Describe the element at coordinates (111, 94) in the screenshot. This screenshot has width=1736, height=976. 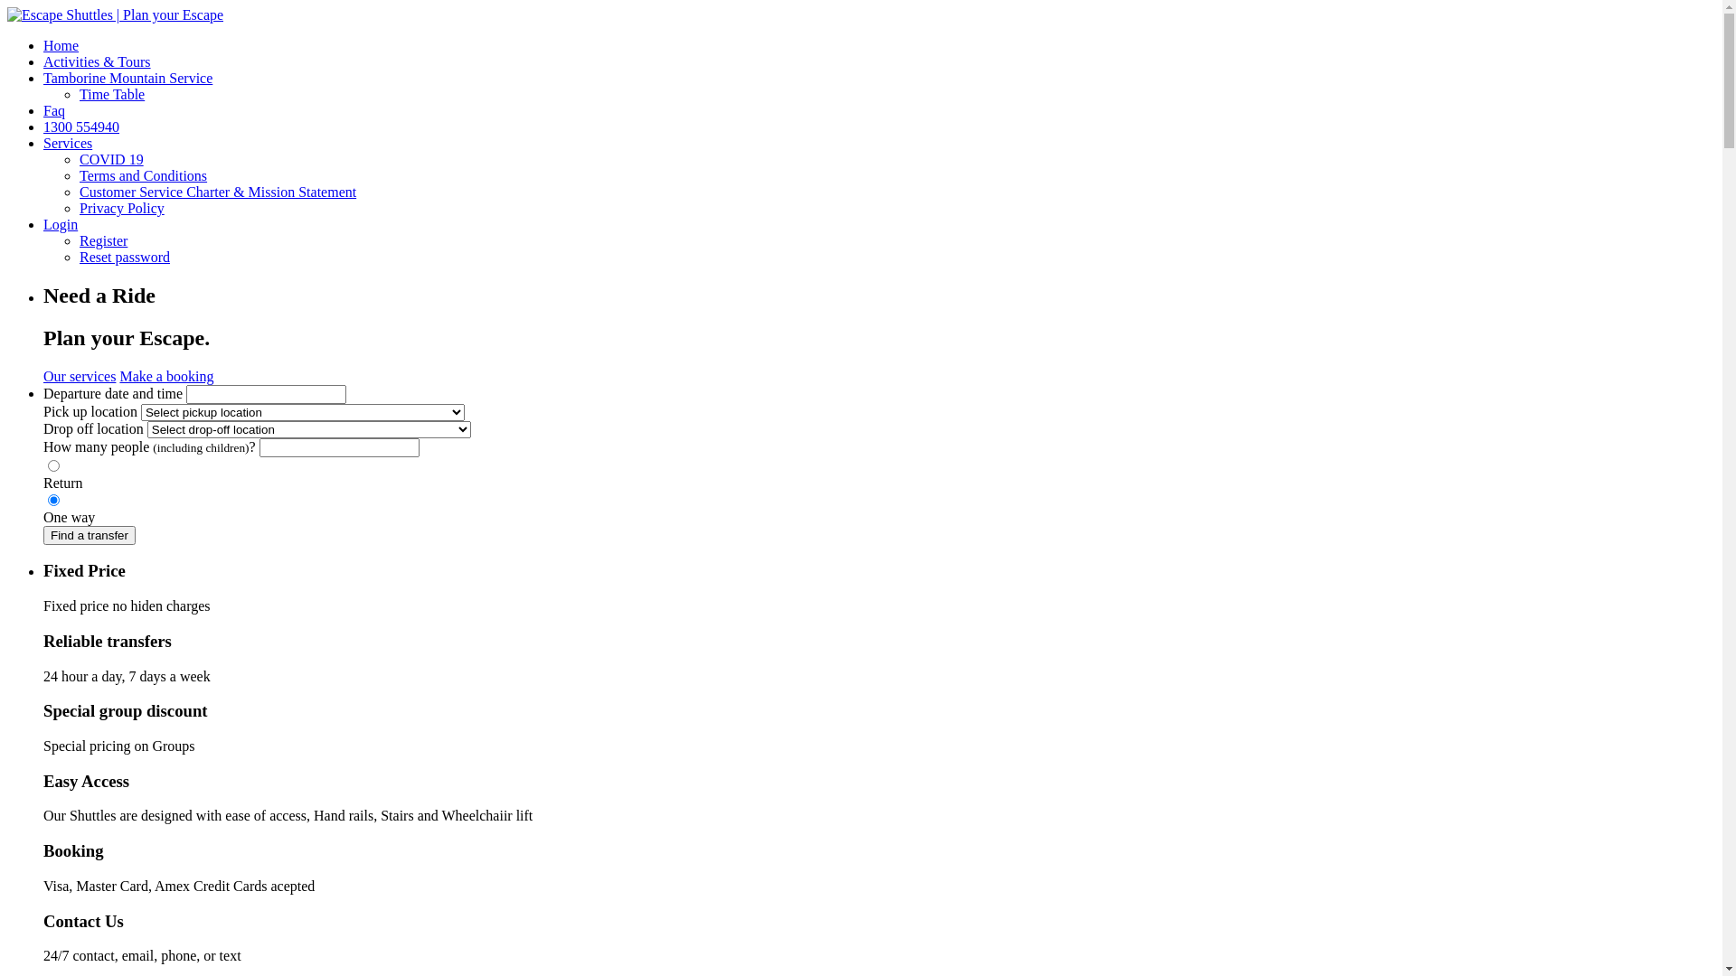
I see `'Time Table'` at that location.